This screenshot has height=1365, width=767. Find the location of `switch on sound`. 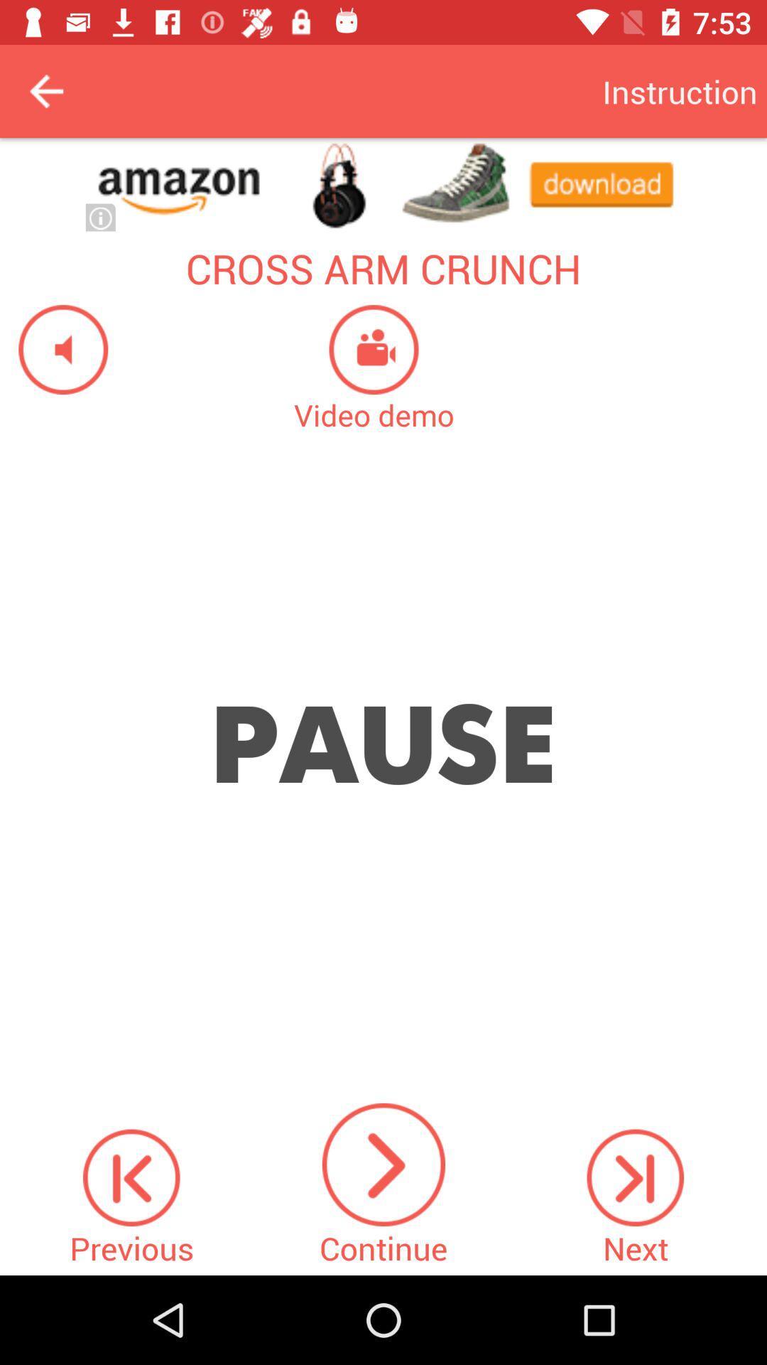

switch on sound is located at coordinates (53, 349).